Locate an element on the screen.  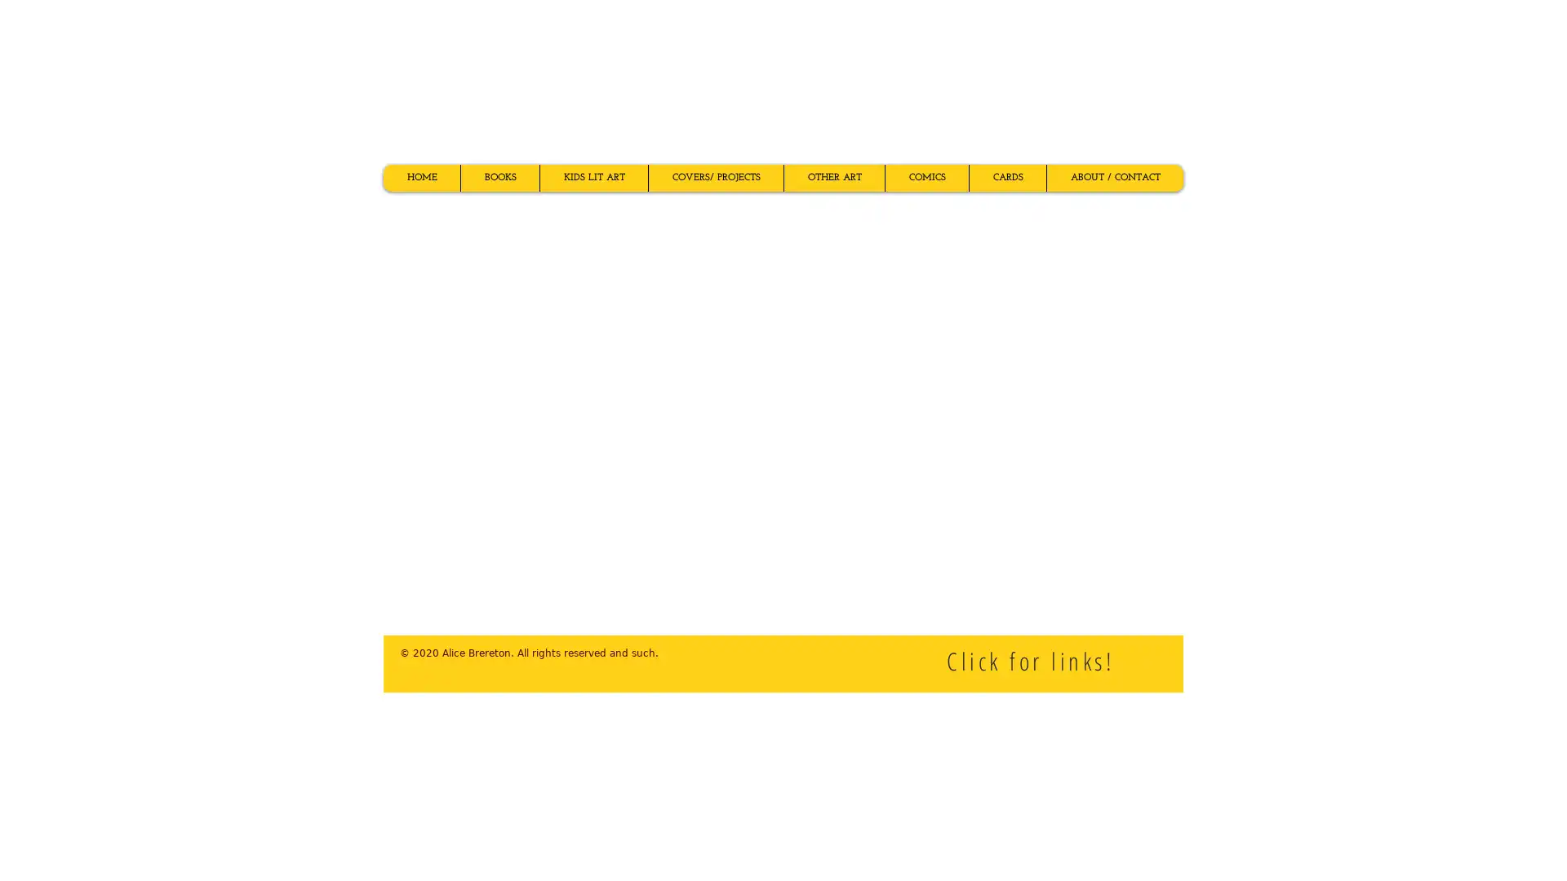
play forward is located at coordinates (1164, 434).